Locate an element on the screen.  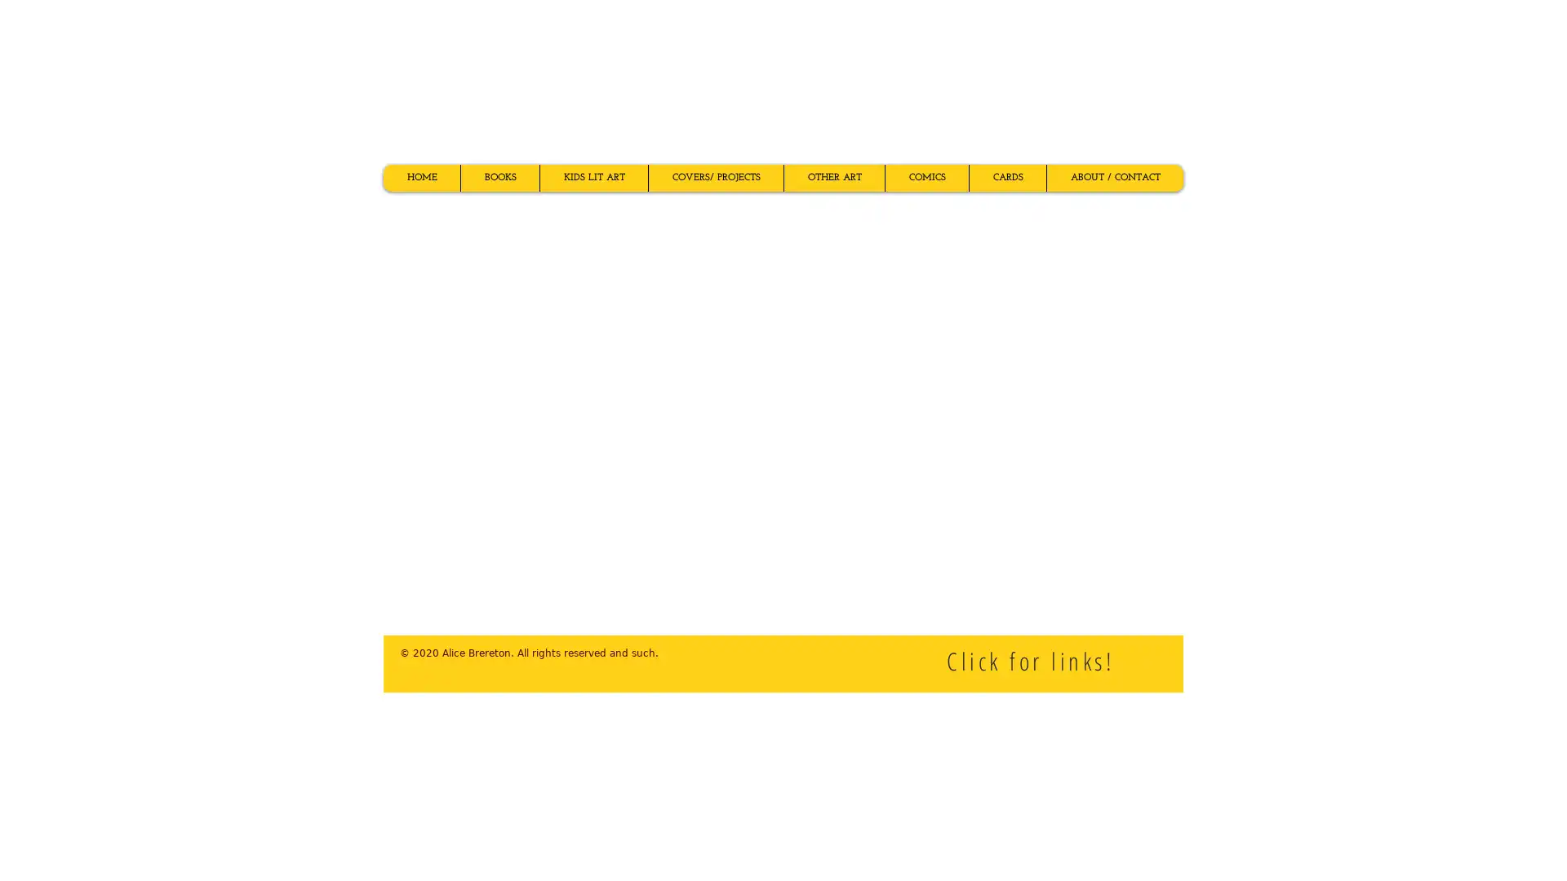
play forward is located at coordinates (1164, 434).